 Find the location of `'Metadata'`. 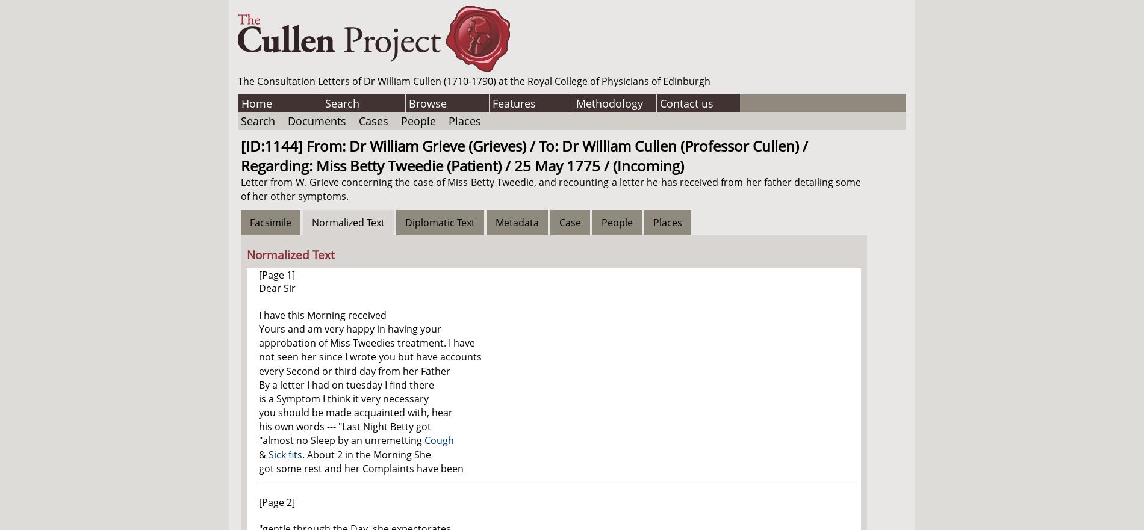

'Metadata' is located at coordinates (516, 221).